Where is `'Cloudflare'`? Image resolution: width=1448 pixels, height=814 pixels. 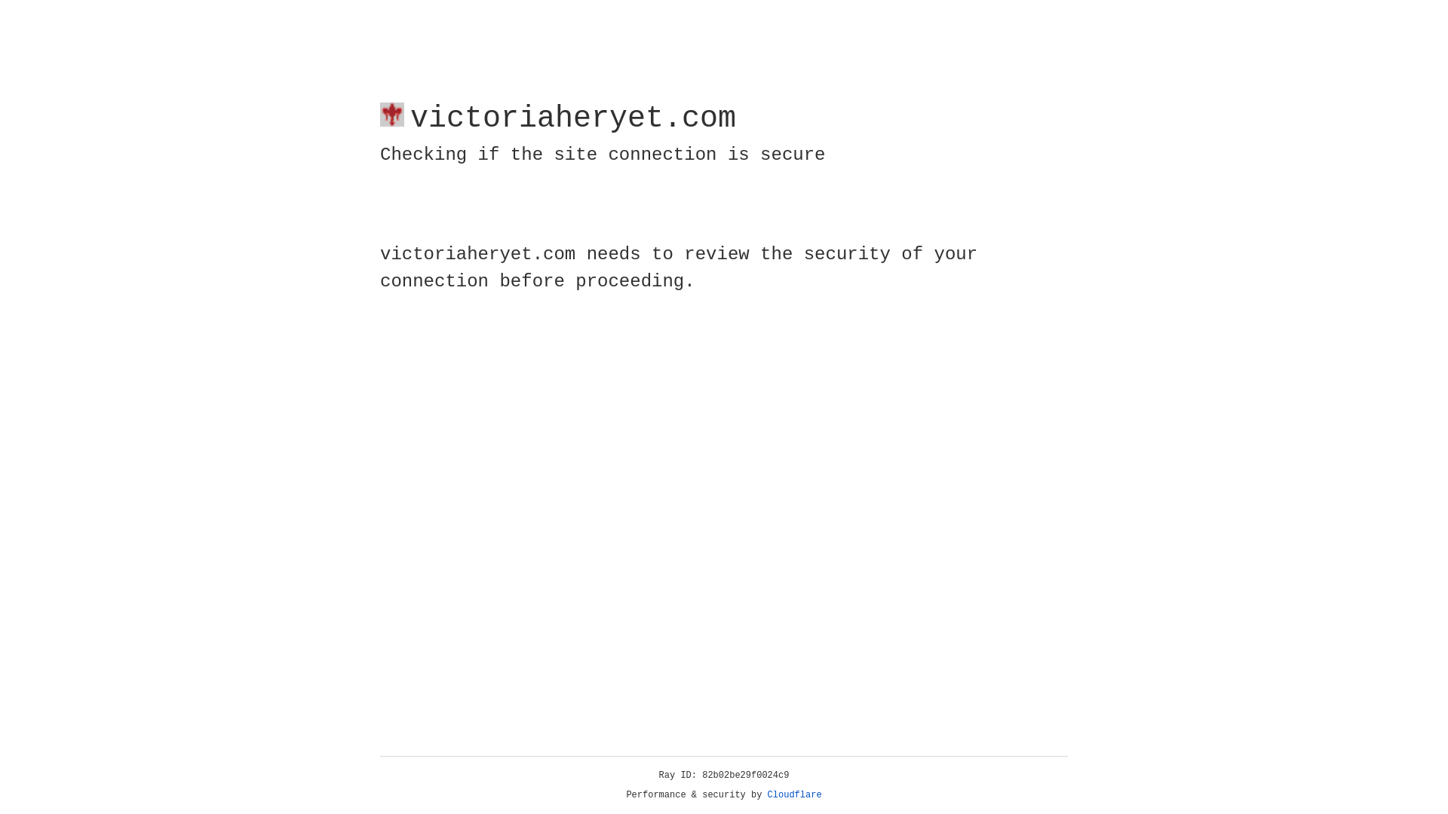
'Cloudflare' is located at coordinates (794, 794).